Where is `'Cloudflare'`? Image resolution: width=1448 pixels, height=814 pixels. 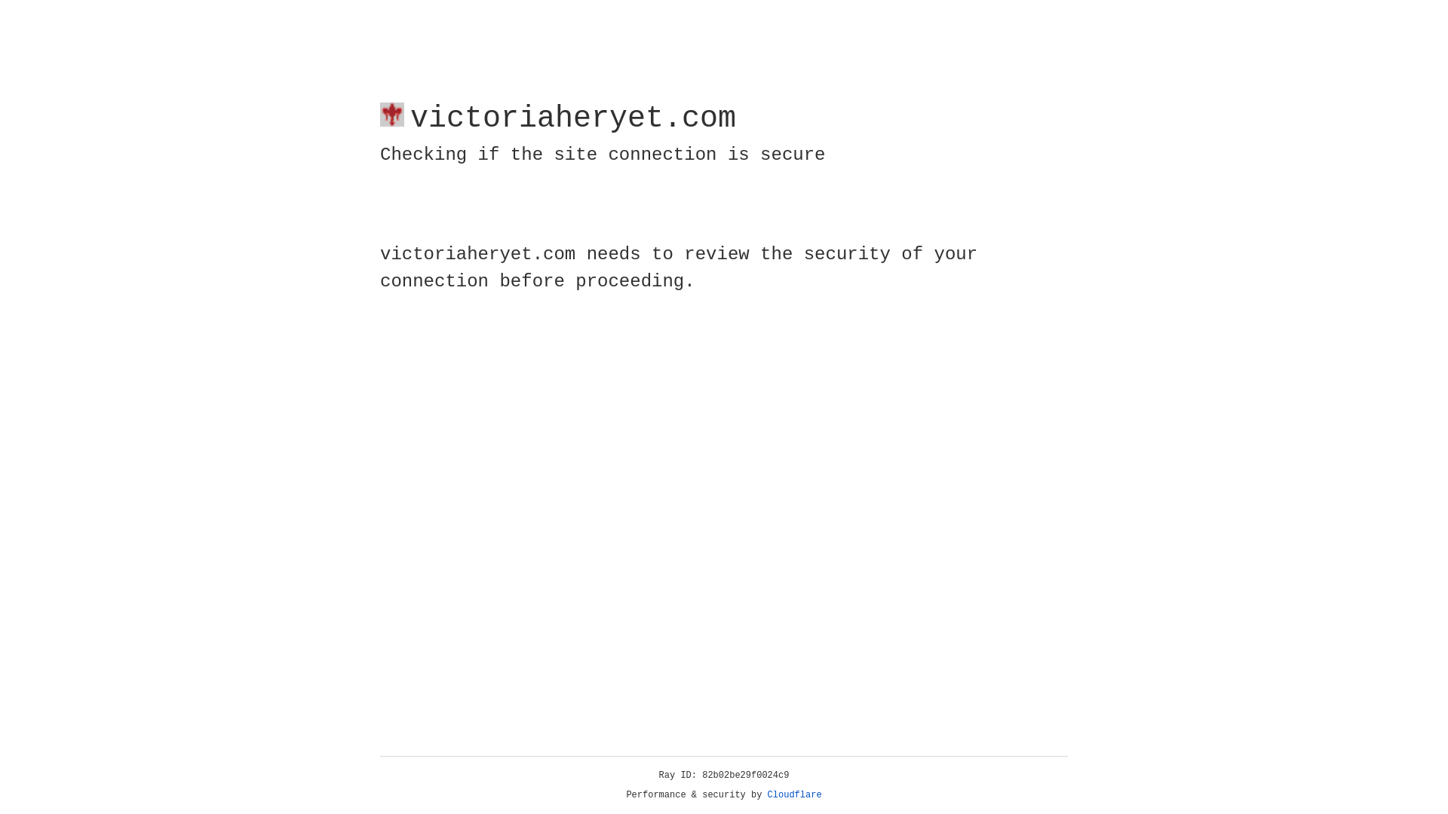
'Cloudflare' is located at coordinates (794, 794).